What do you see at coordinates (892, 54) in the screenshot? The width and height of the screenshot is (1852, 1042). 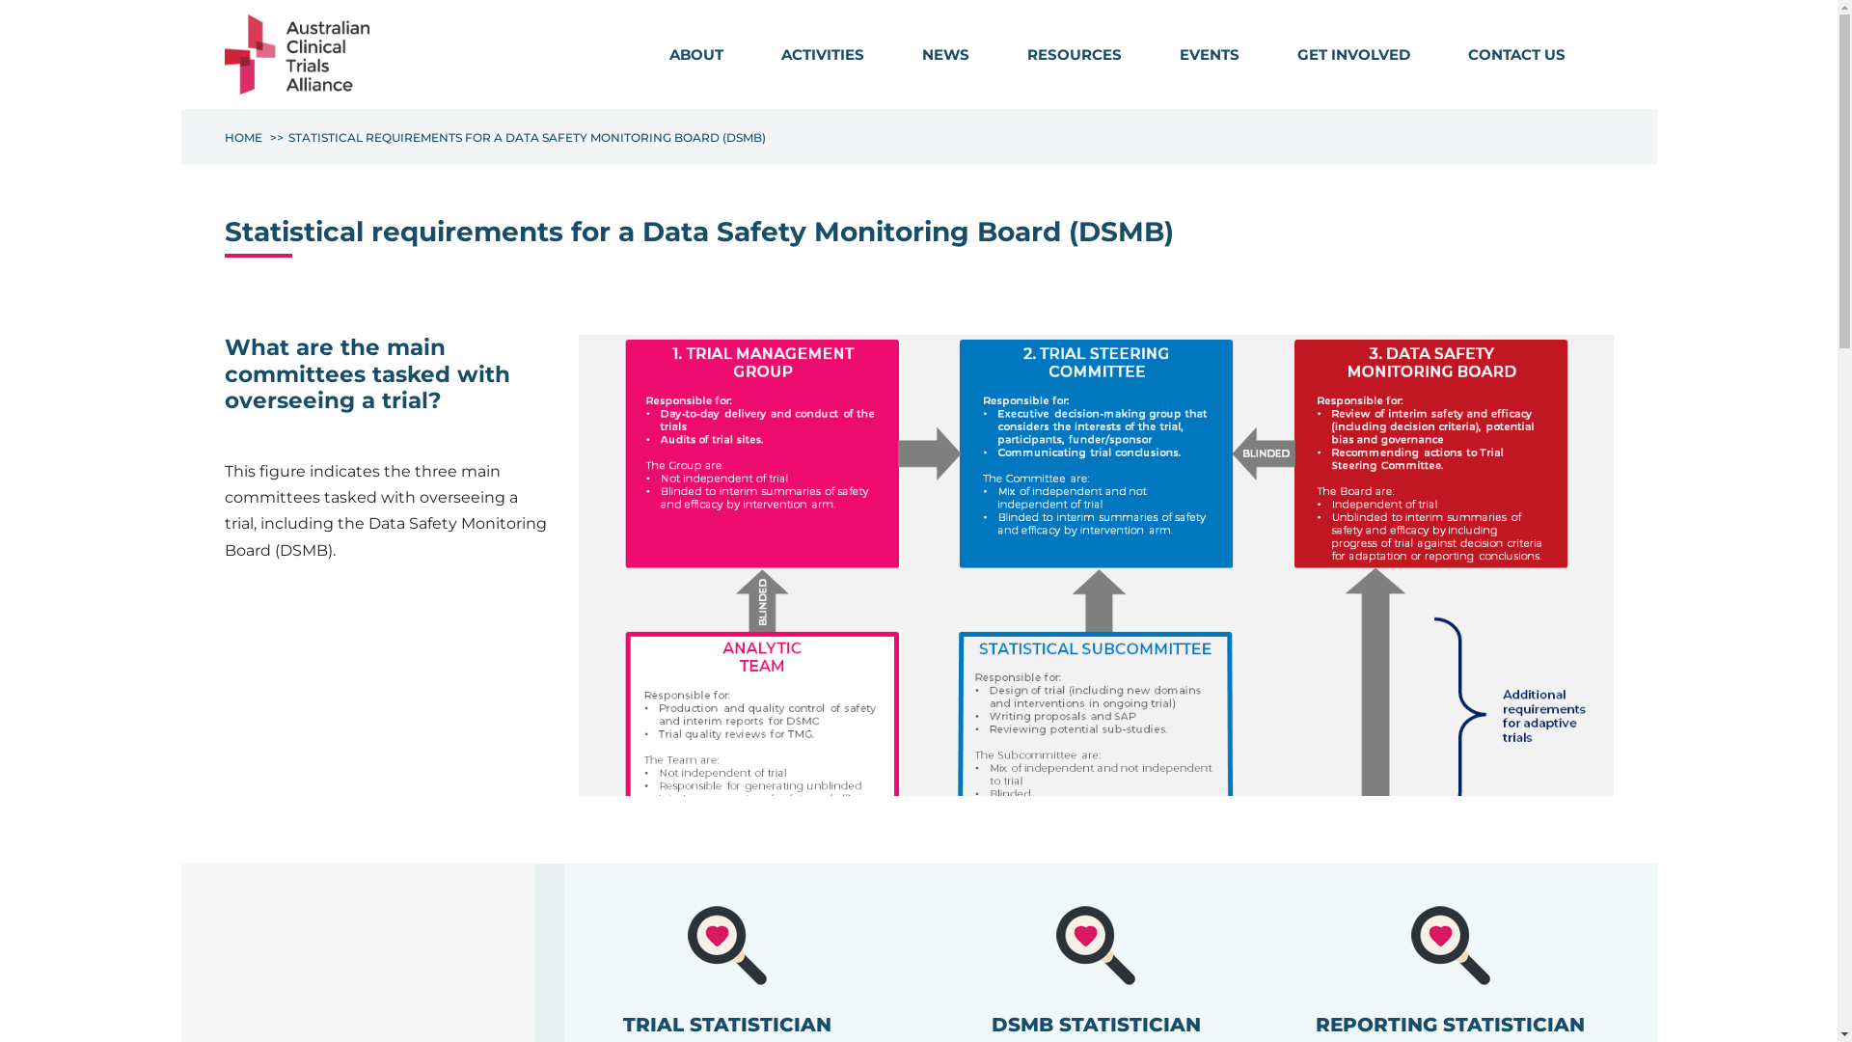 I see `'NEWS'` at bounding box center [892, 54].